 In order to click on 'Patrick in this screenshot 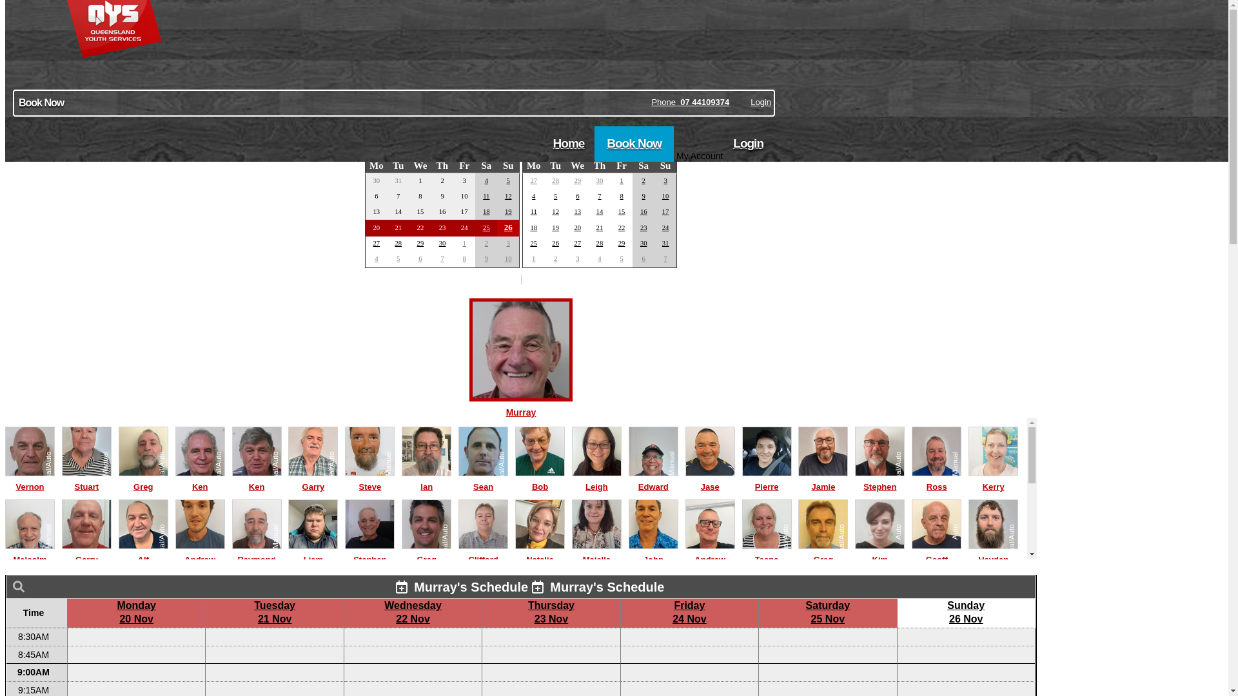, I will do `click(767, 625)`.